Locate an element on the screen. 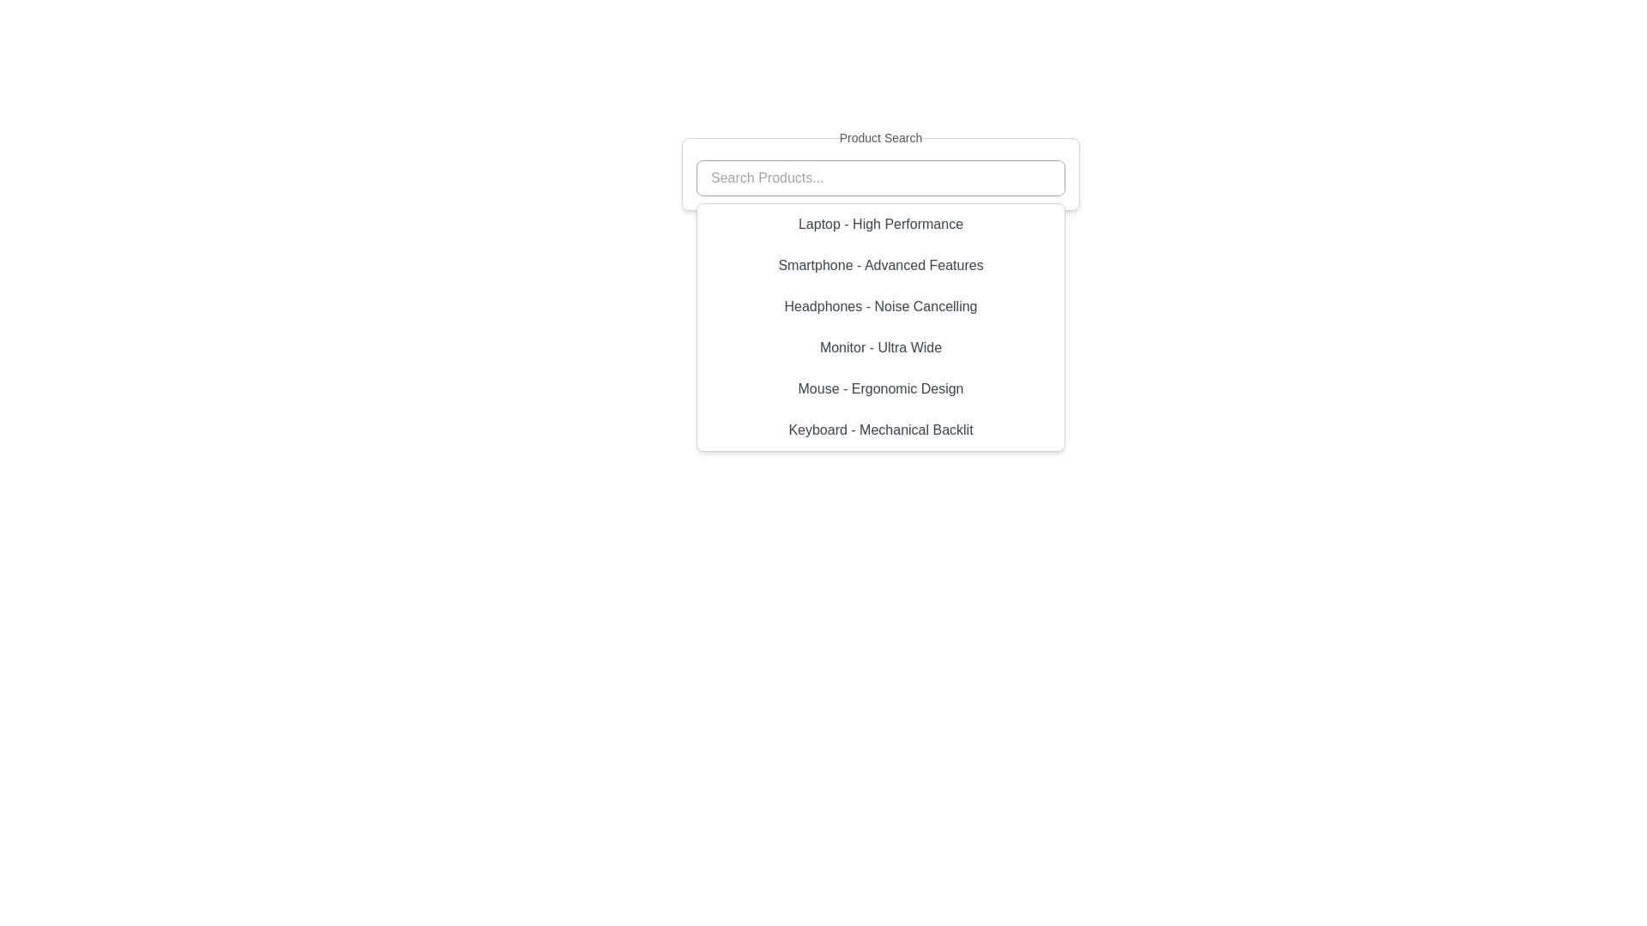 The height and width of the screenshot is (926, 1647). the text label displaying 'Headphones - Noise Cancelling' in the dropdown menu, which is the third item below 'Smartphone - Advanced Features' is located at coordinates (881, 306).